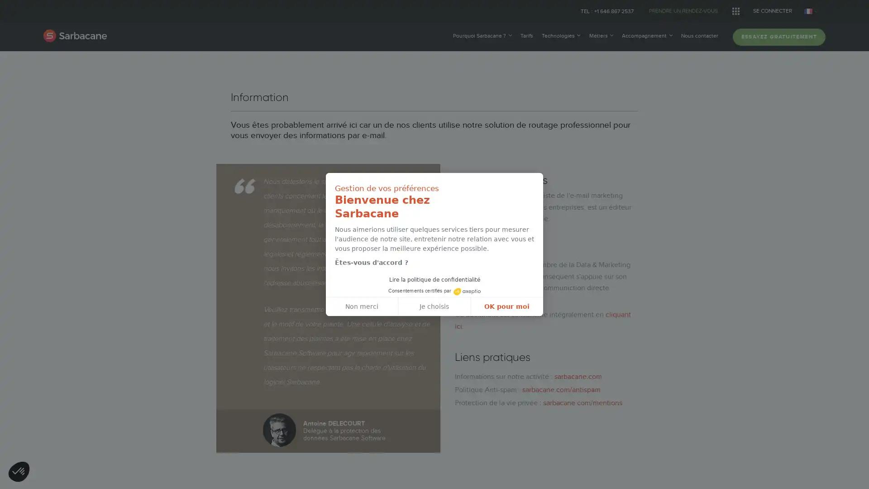  What do you see at coordinates (434, 306) in the screenshot?
I see `Je choisis` at bounding box center [434, 306].